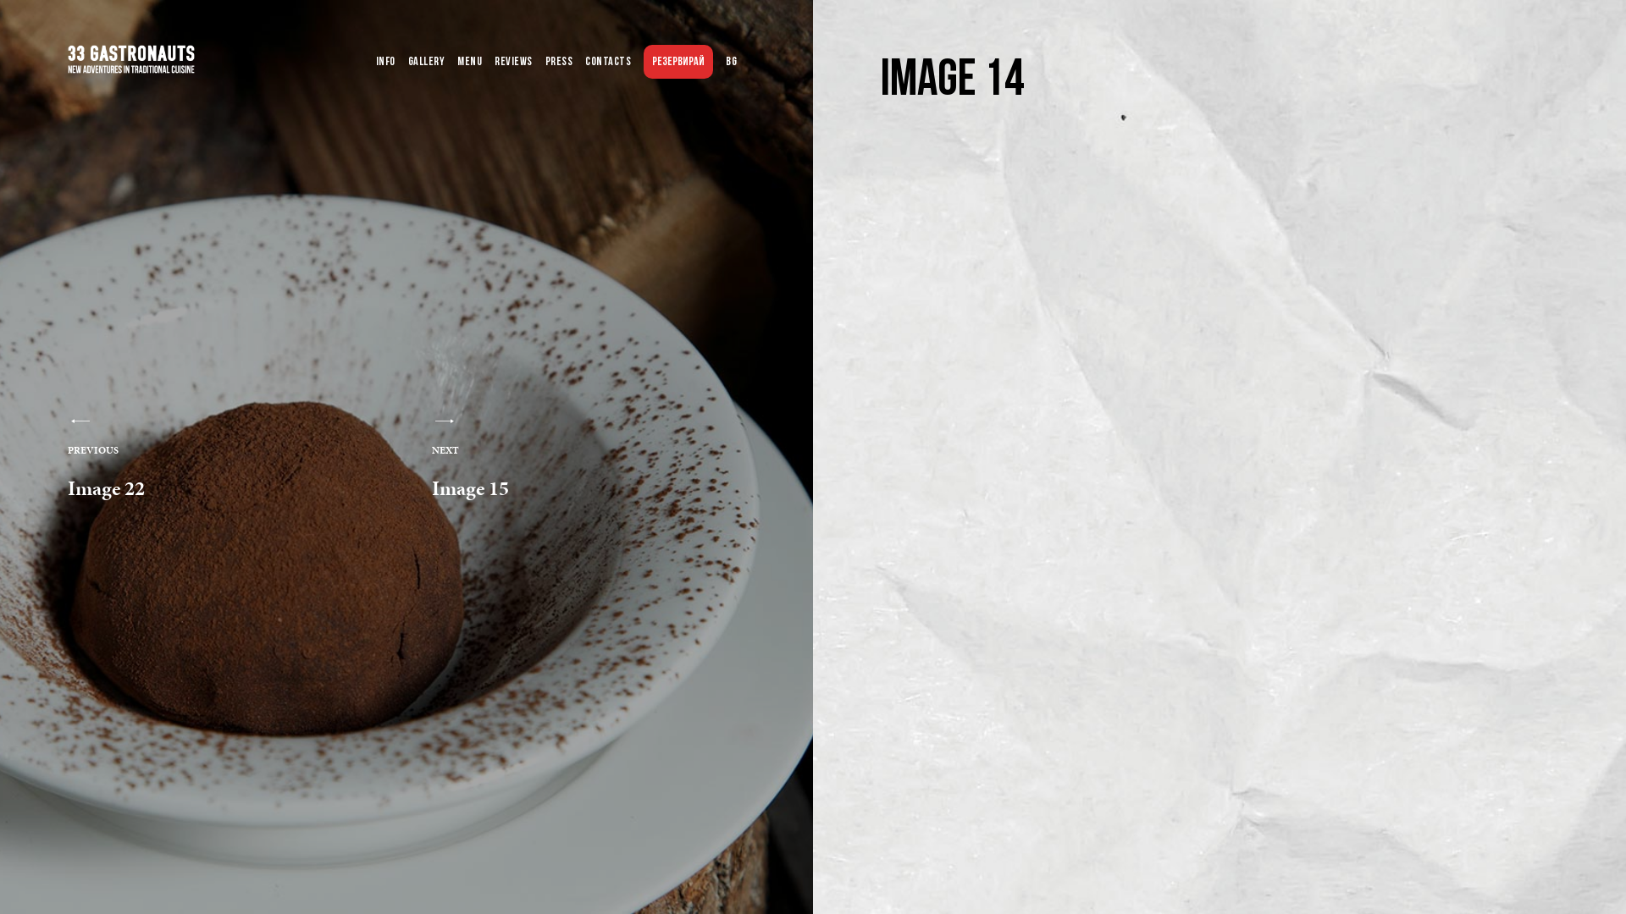  Describe the element at coordinates (559, 61) in the screenshot. I see `'Press'` at that location.